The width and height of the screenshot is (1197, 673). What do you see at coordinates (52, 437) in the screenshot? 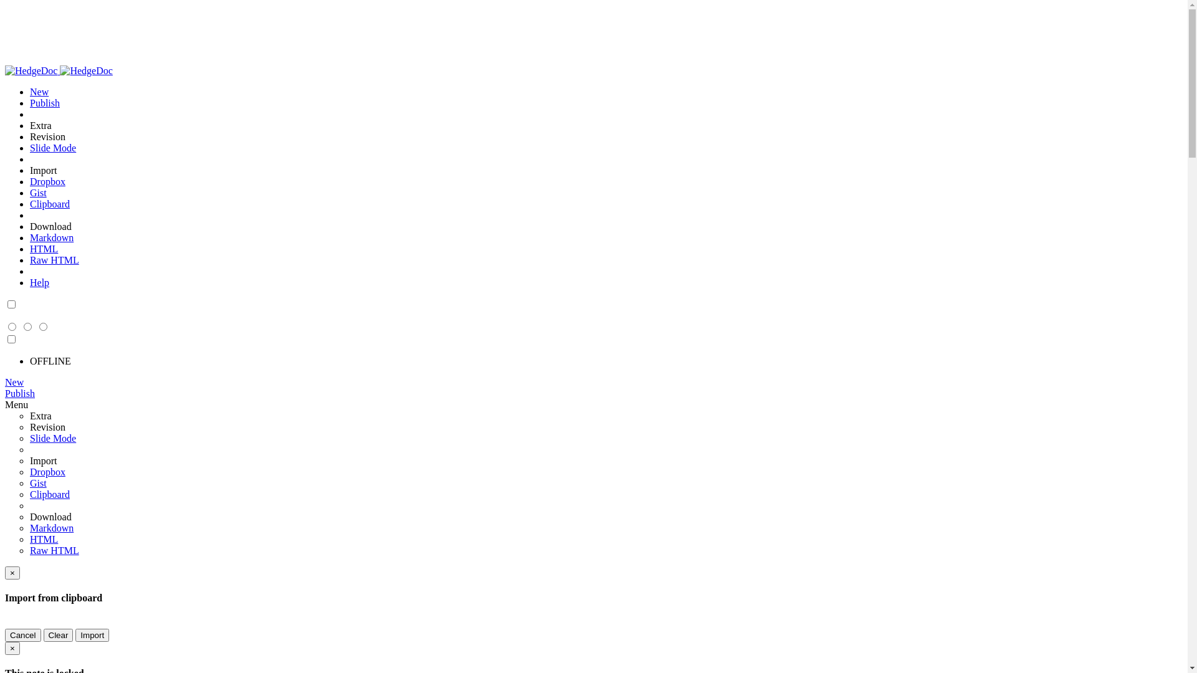
I see `'Slide Mode'` at bounding box center [52, 437].